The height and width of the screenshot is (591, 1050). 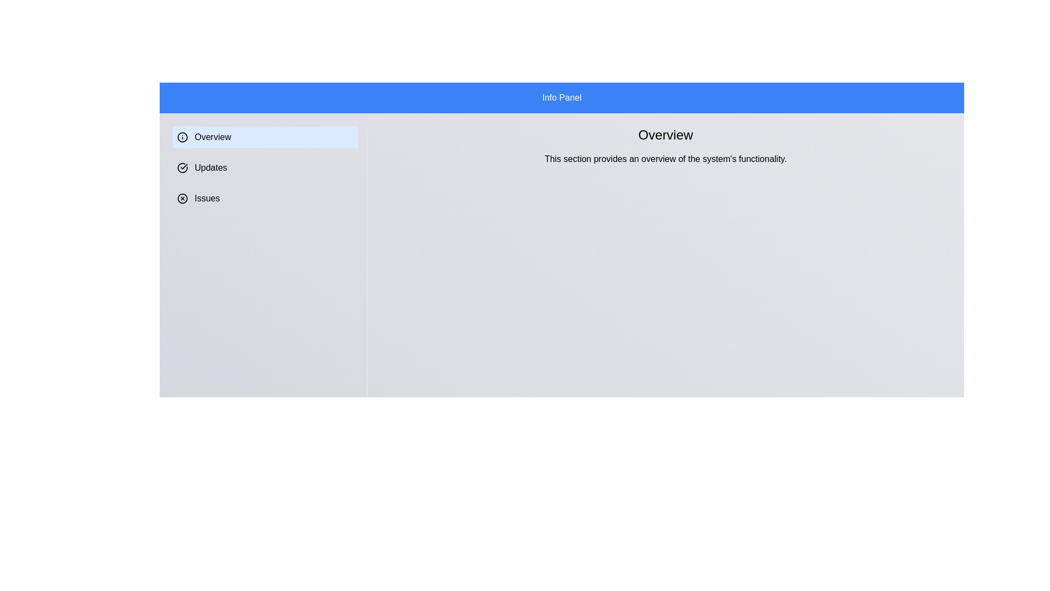 What do you see at coordinates (265, 198) in the screenshot?
I see `the section title Issues to switch to that section` at bounding box center [265, 198].